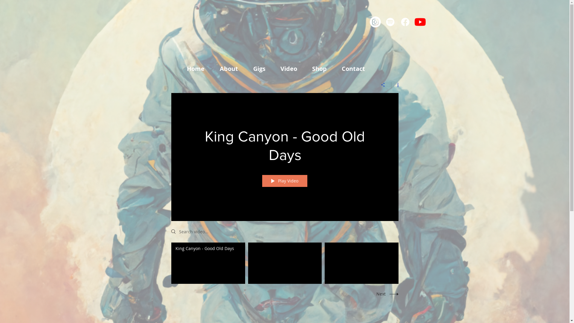 Image resolution: width=574 pixels, height=323 pixels. What do you see at coordinates (199, 68) in the screenshot?
I see `'Home'` at bounding box center [199, 68].